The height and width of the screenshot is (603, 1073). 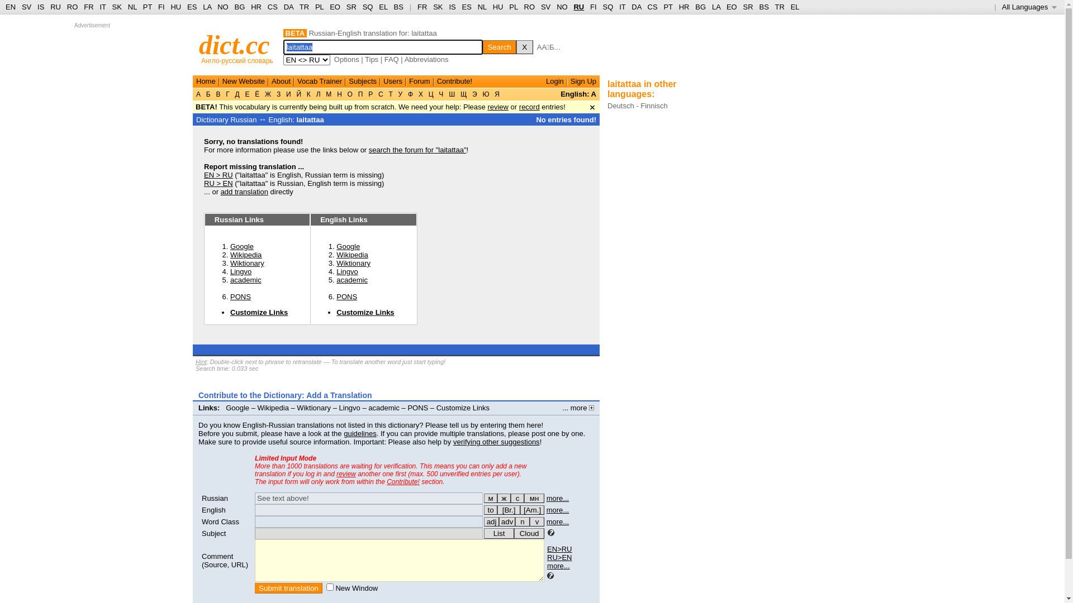 What do you see at coordinates (668, 7) in the screenshot?
I see `'PT'` at bounding box center [668, 7].